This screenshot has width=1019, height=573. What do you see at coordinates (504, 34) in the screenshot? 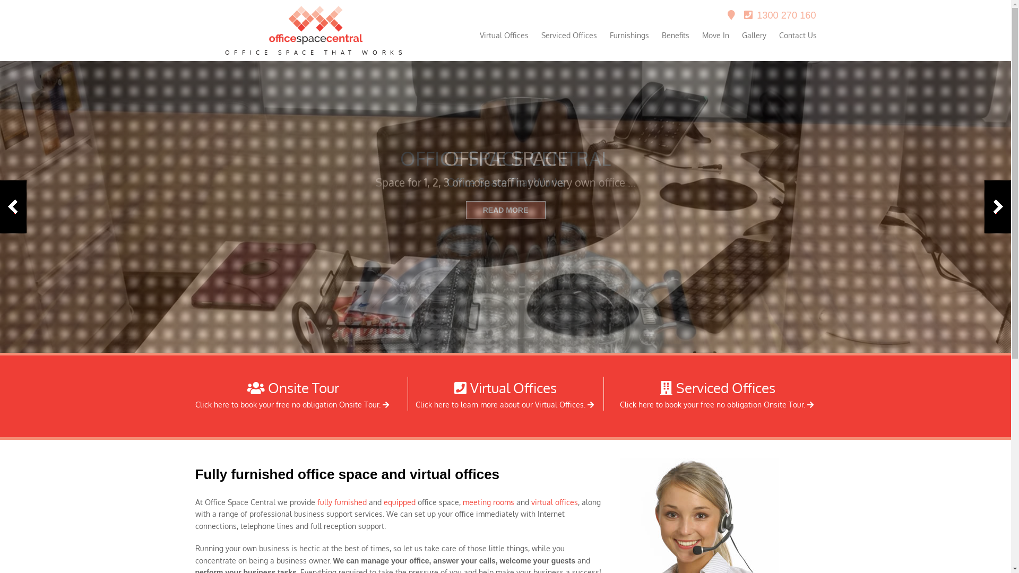
I see `'Virtual Offices'` at bounding box center [504, 34].